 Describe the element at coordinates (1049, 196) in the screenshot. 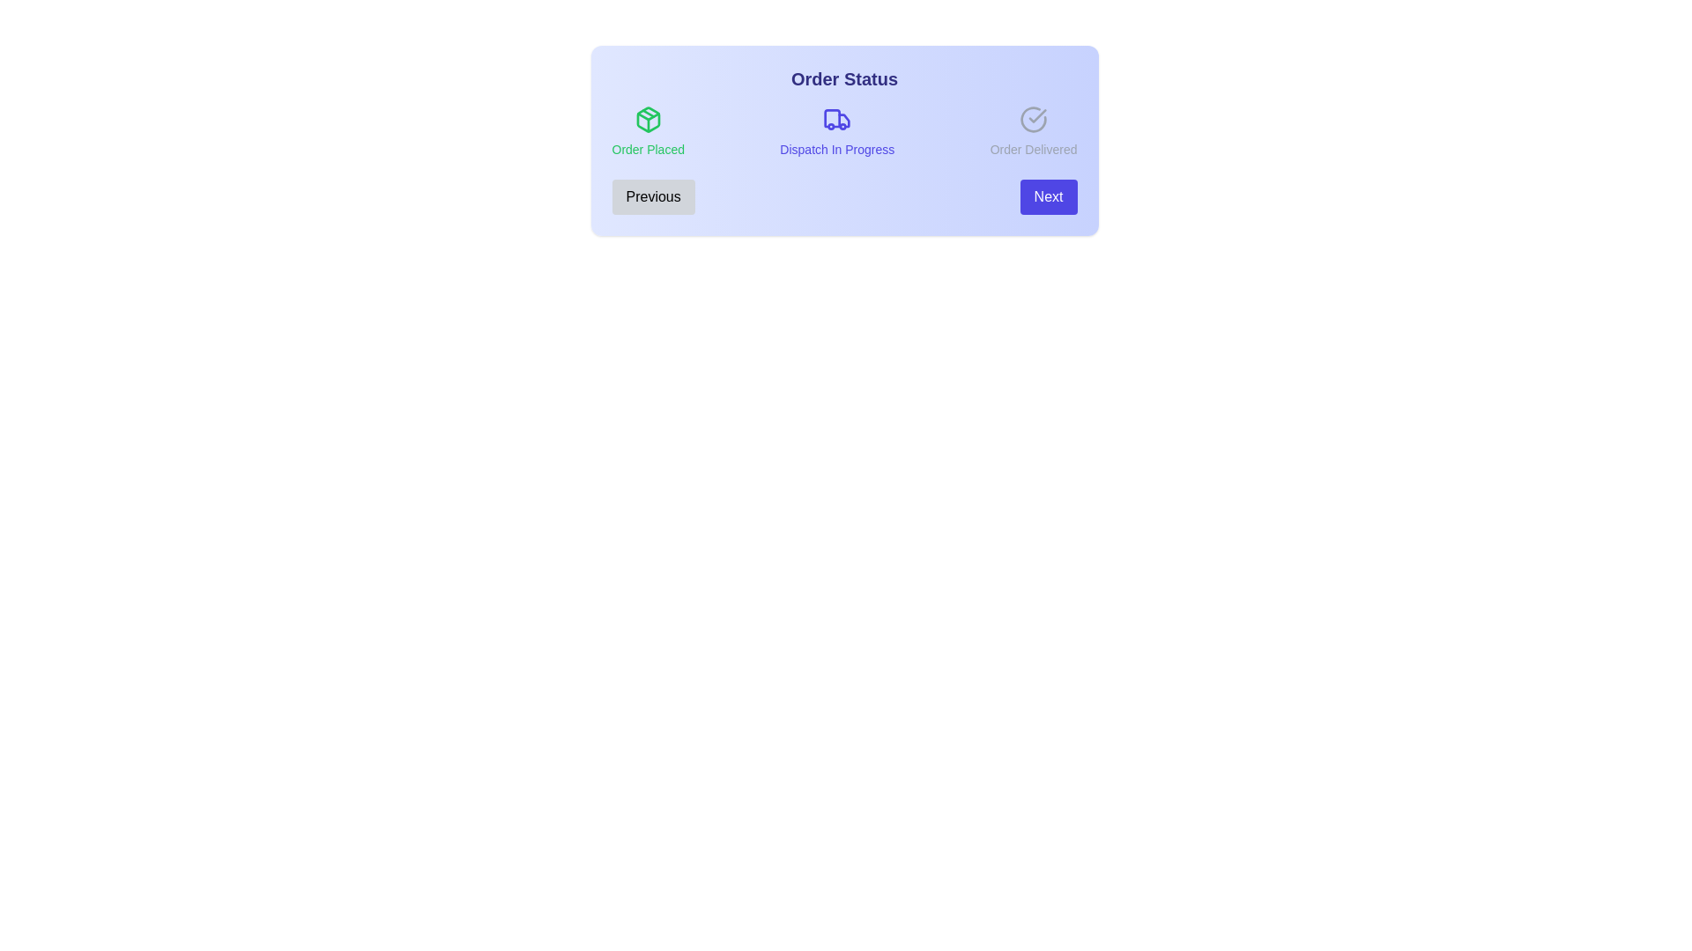

I see `the 'Next' button with a blue background and white text, which is positioned to the far right of the button group below the 'Order Status' panel` at that location.